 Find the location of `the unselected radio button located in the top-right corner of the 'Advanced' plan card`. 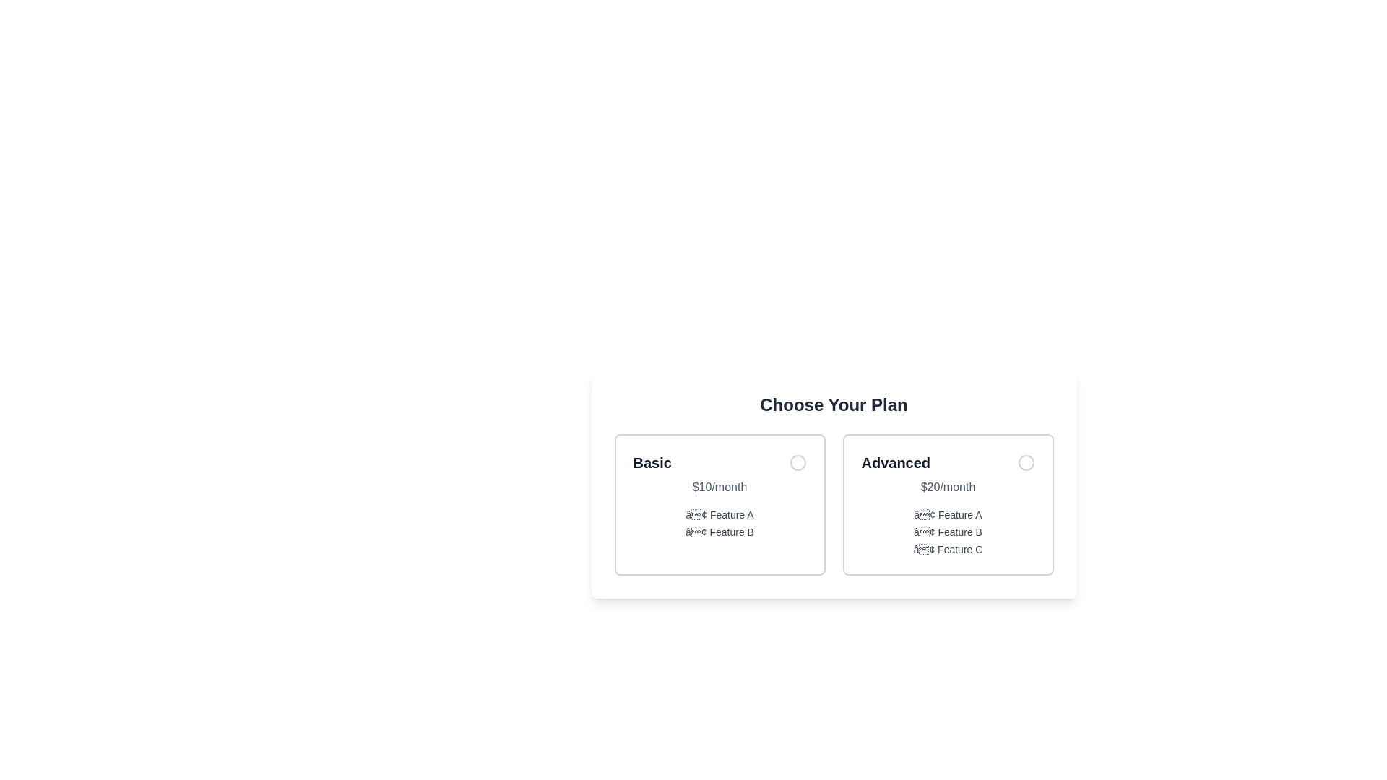

the unselected radio button located in the top-right corner of the 'Advanced' plan card is located at coordinates (1025, 462).